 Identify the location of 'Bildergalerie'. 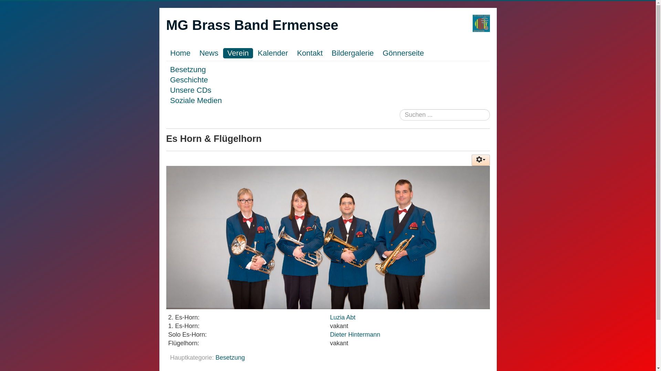
(352, 53).